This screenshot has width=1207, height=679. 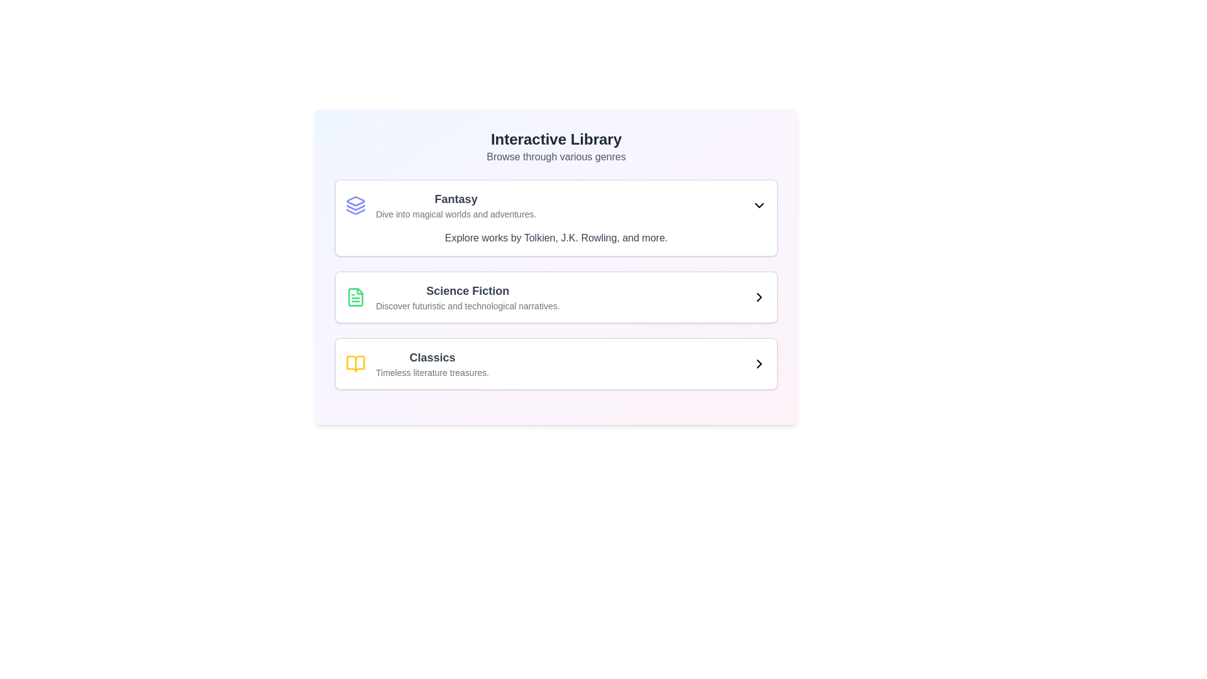 What do you see at coordinates (355, 297) in the screenshot?
I see `the green document icon located in the 'Science Fiction' section` at bounding box center [355, 297].